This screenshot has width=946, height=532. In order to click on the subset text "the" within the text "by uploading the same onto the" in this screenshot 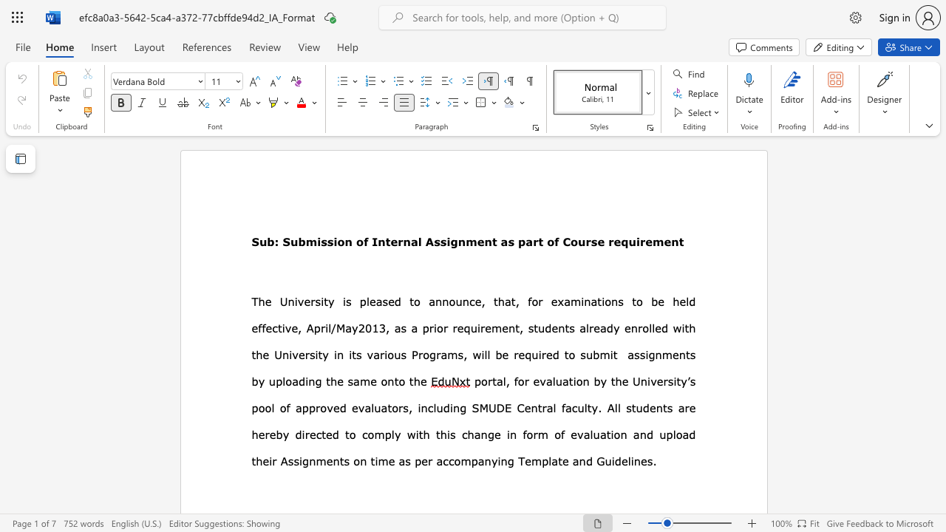, I will do `click(409, 381)`.